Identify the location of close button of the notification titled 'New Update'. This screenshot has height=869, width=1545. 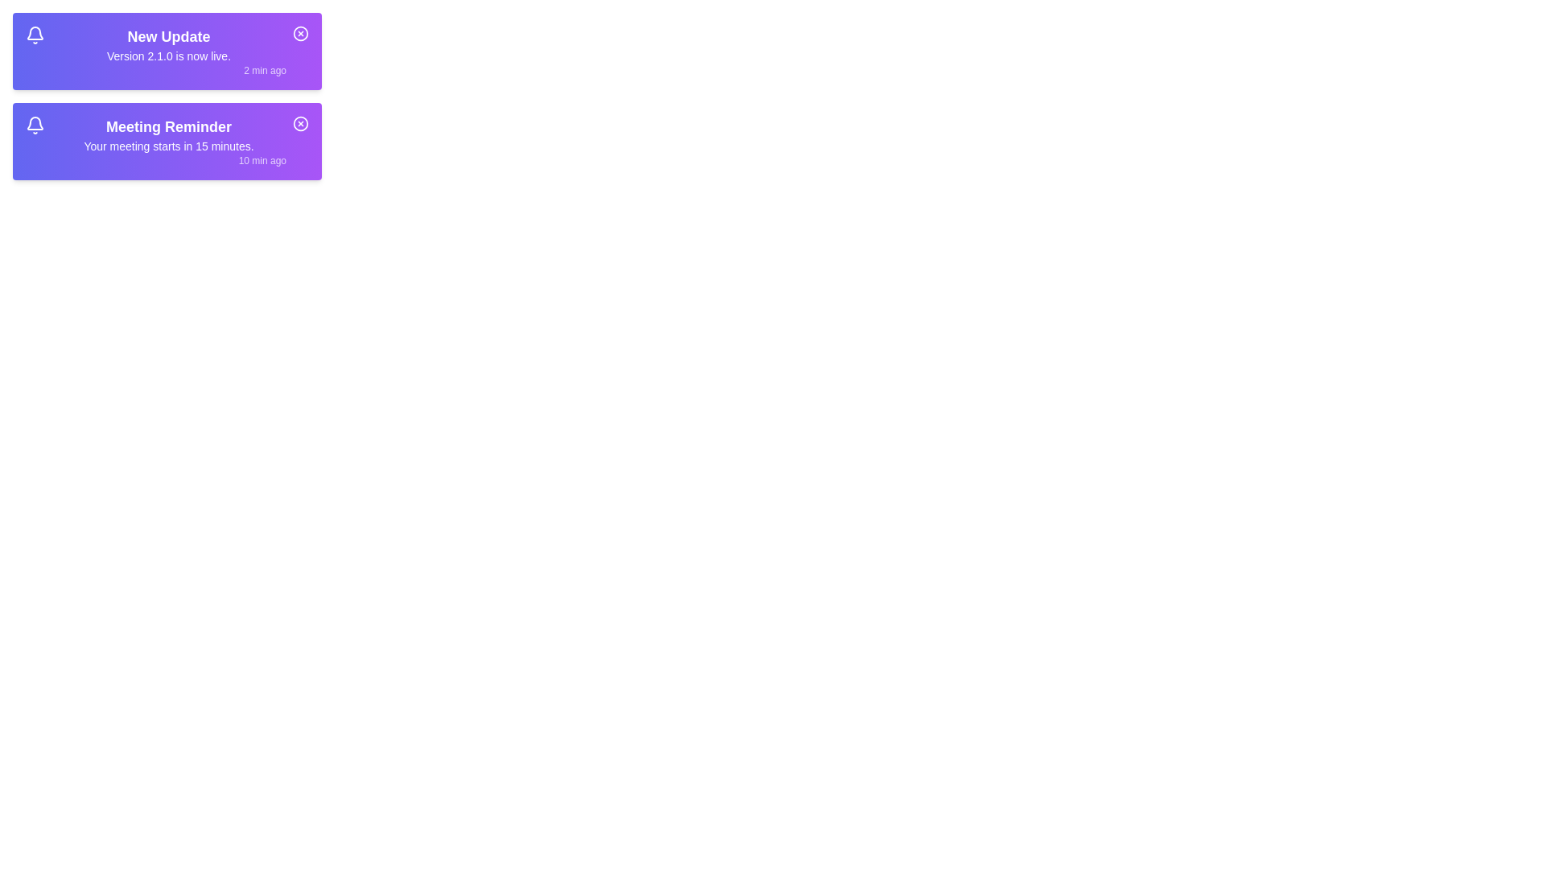
(301, 34).